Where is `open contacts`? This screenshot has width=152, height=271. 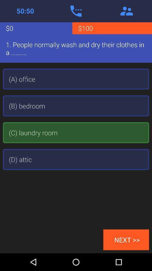 open contacts is located at coordinates (126, 11).